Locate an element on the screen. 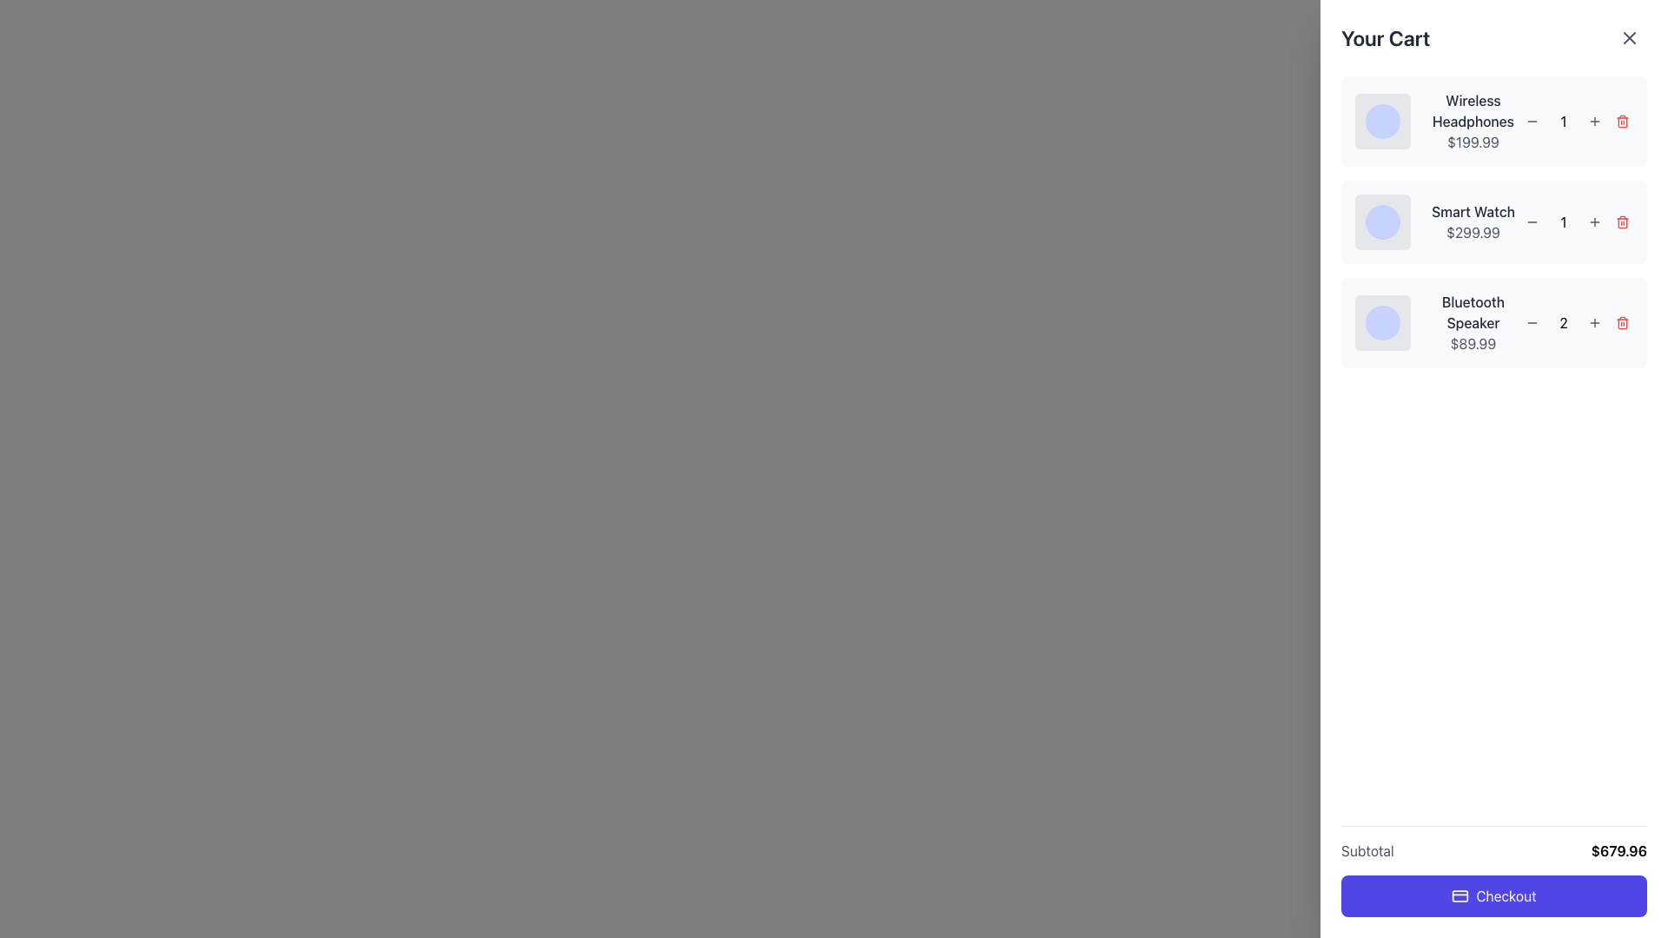  the 'Your Cart' static text element, which is styled in large, bold black font and located at the top-left corner of a white sidebar panel is located at coordinates (1385, 37).